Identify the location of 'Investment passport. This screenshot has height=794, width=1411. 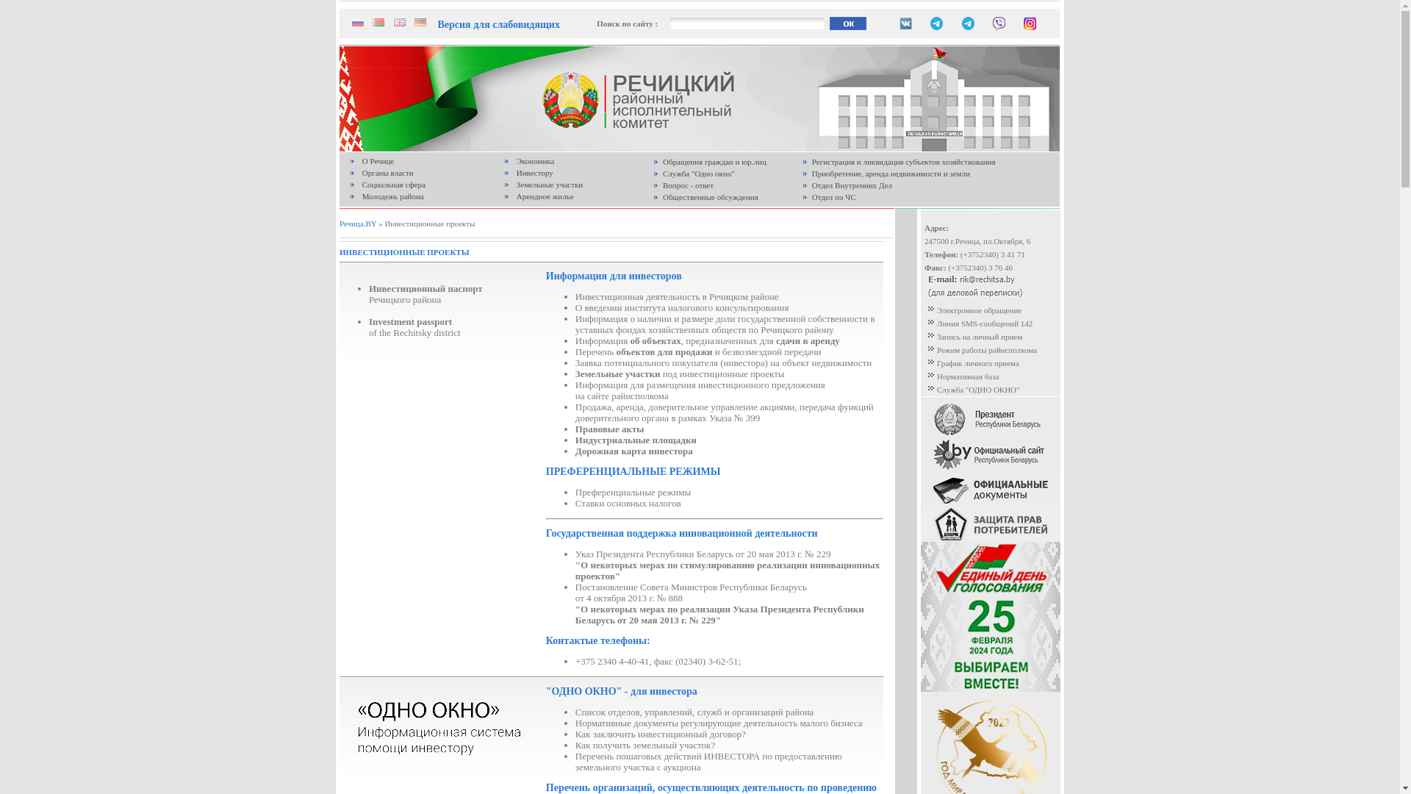
(414, 326).